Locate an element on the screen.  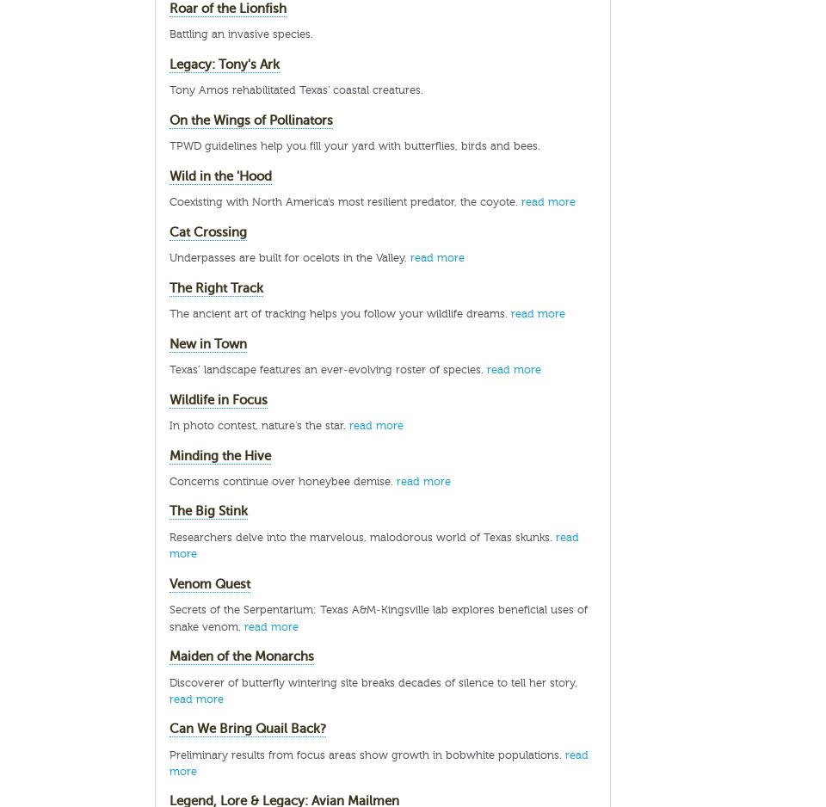
'Tony Amos rehabilitated Texas' coastal creatures.' is located at coordinates (296, 89).